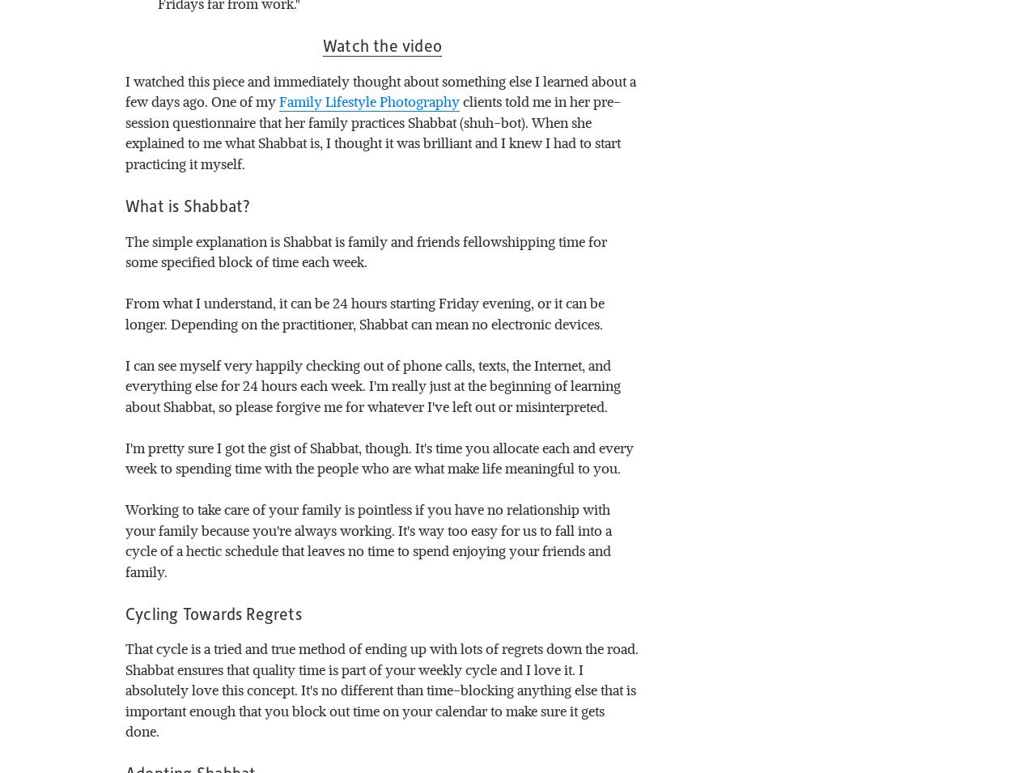 This screenshot has width=1036, height=773. Describe the element at coordinates (380, 457) in the screenshot. I see `'I'm pretty sure I got the gist of Shabbat, though. It's time you allocate each and every week to spending time with the people who are what make life meaningful to you.'` at that location.